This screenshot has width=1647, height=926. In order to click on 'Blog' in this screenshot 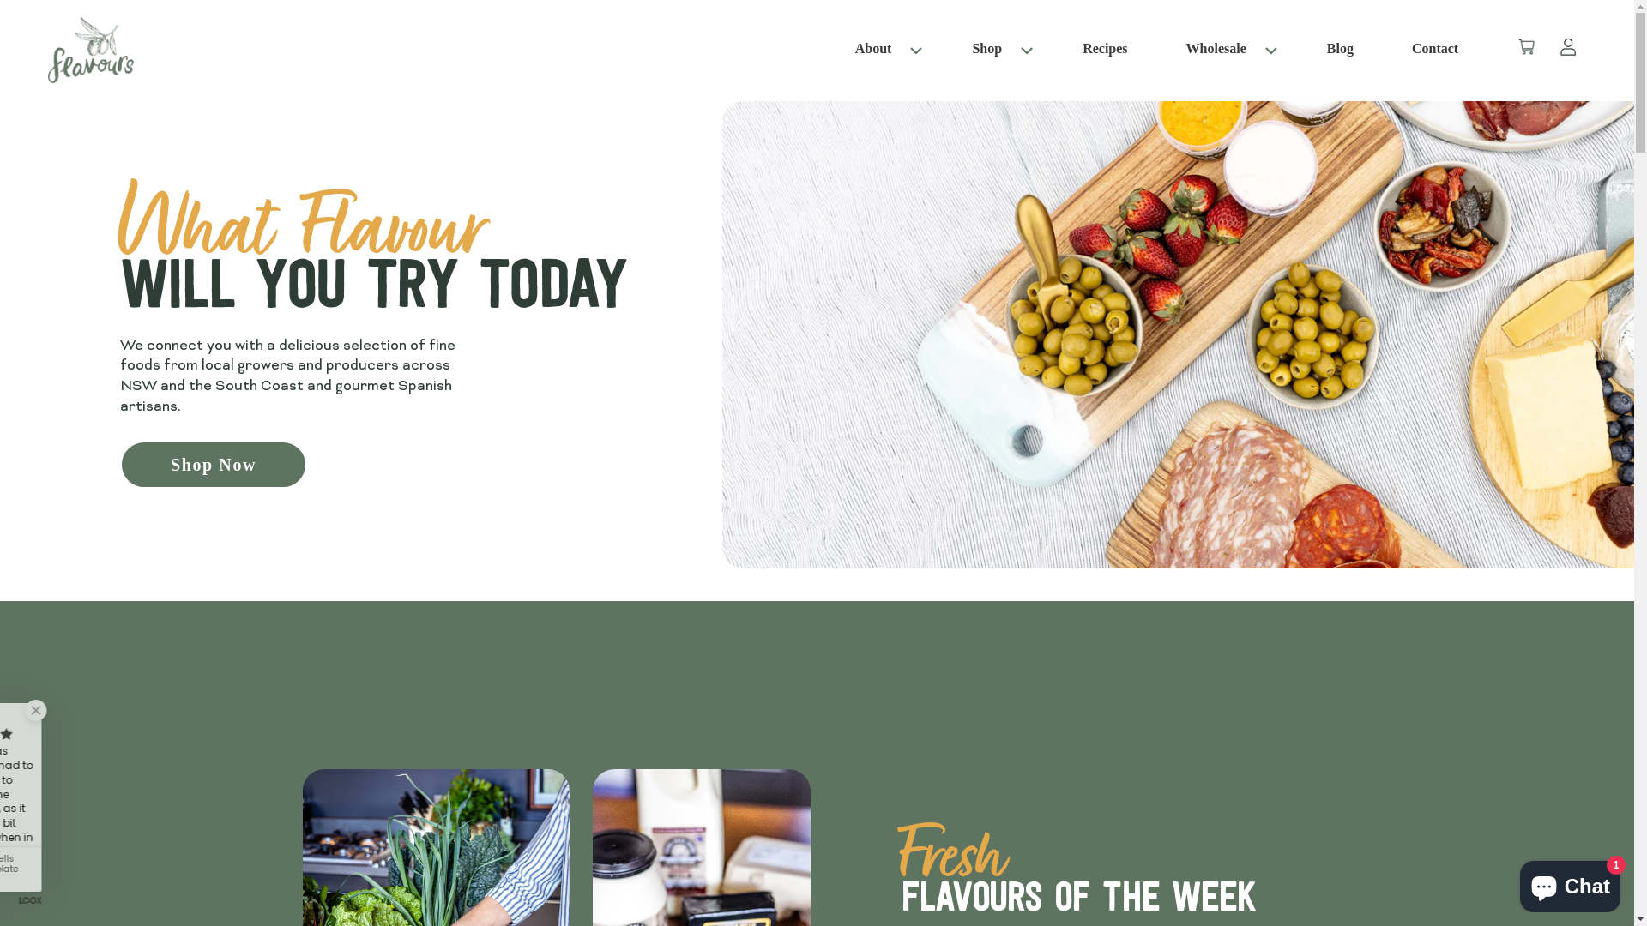, I will do `click(1317, 49)`.